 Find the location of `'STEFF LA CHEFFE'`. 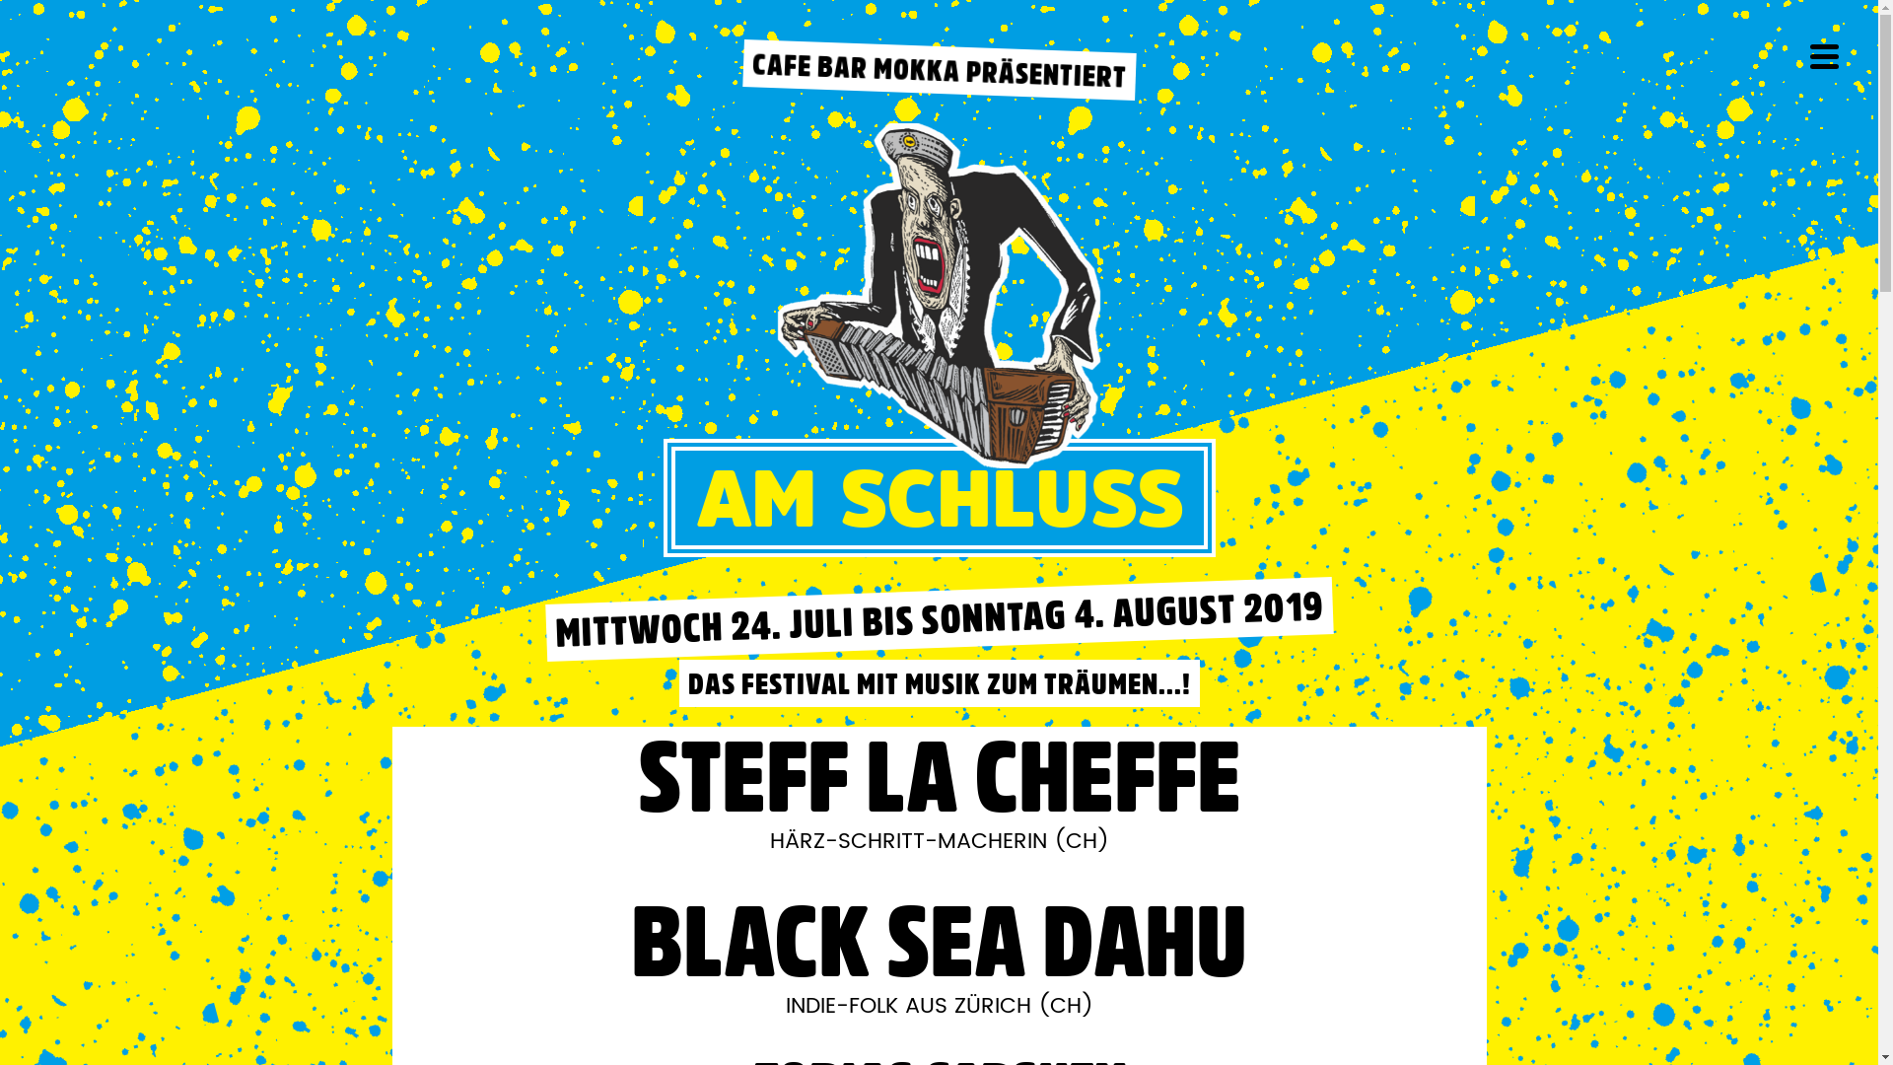

'STEFF LA CHEFFE' is located at coordinates (939, 774).